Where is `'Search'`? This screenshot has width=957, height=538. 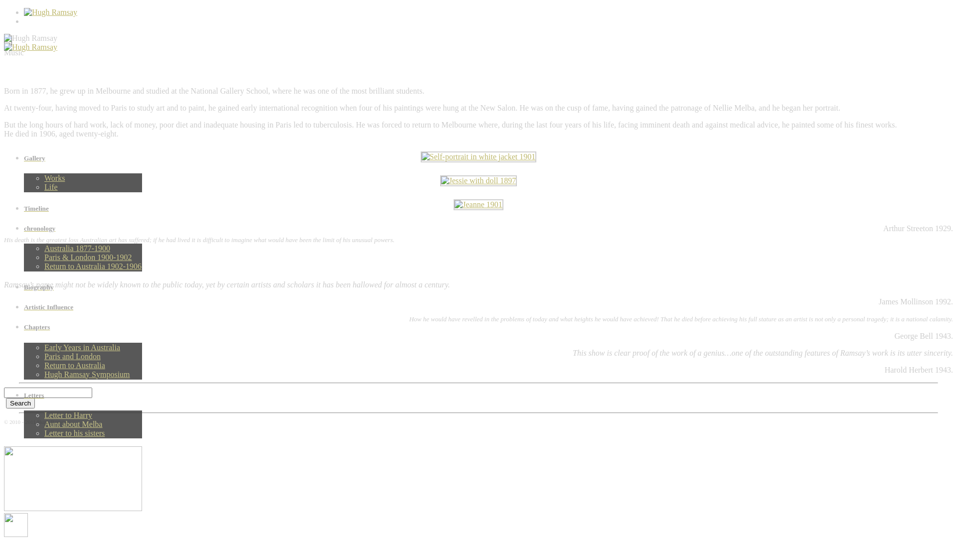
'Search' is located at coordinates (6, 403).